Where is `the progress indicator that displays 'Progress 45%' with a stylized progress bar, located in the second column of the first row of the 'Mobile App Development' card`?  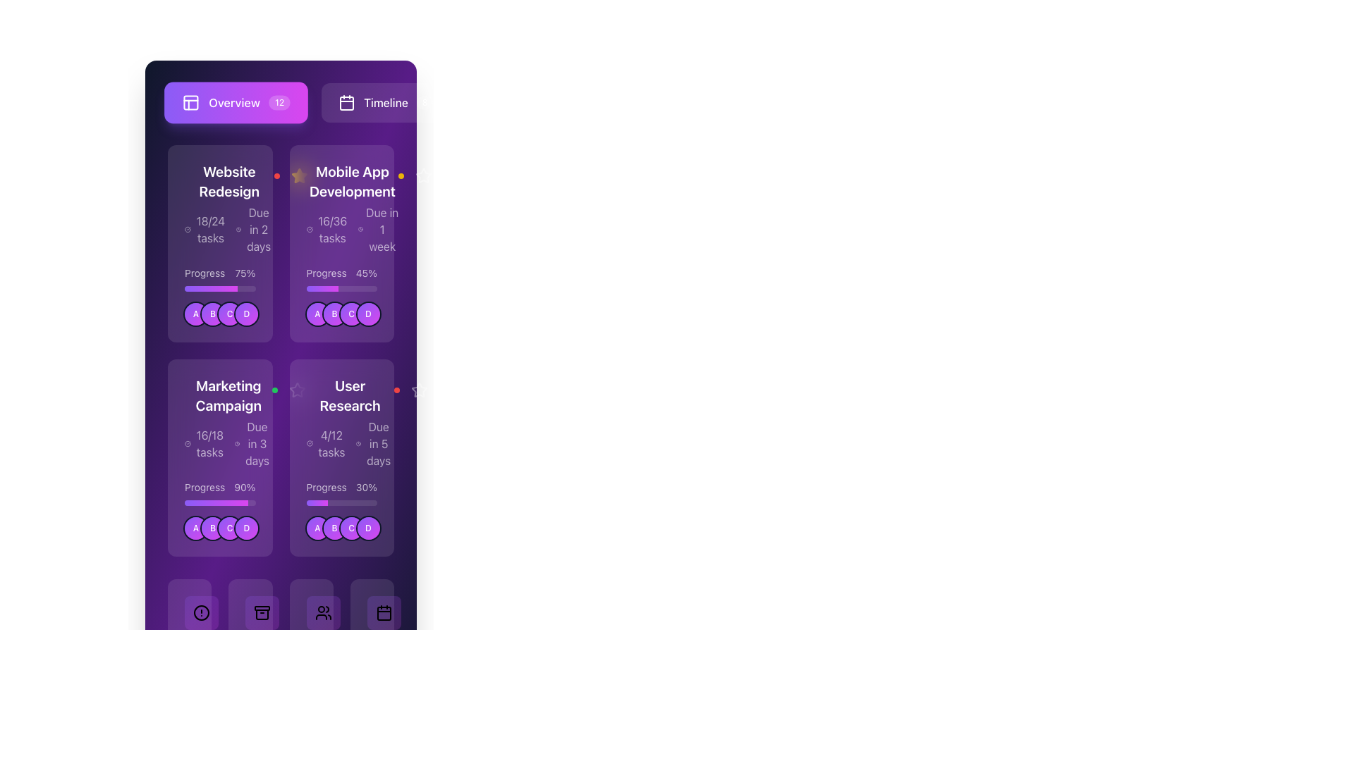
the progress indicator that displays 'Progress 45%' with a stylized progress bar, located in the second column of the first row of the 'Mobile App Development' card is located at coordinates (341, 279).